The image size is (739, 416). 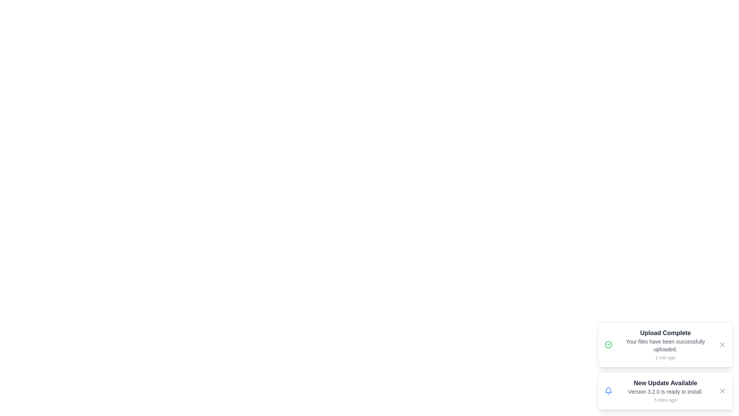 I want to click on the close button with an 'X' icon located at the top-right corner of the notification card, so click(x=722, y=344).